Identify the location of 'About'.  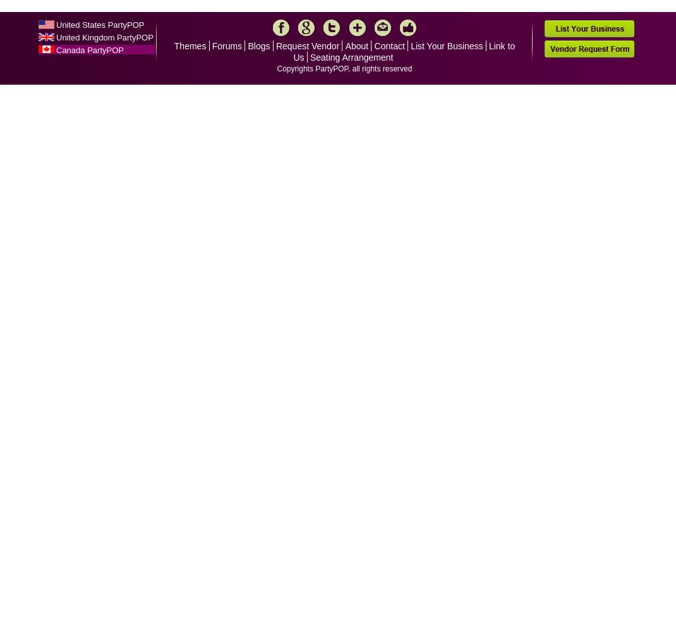
(356, 46).